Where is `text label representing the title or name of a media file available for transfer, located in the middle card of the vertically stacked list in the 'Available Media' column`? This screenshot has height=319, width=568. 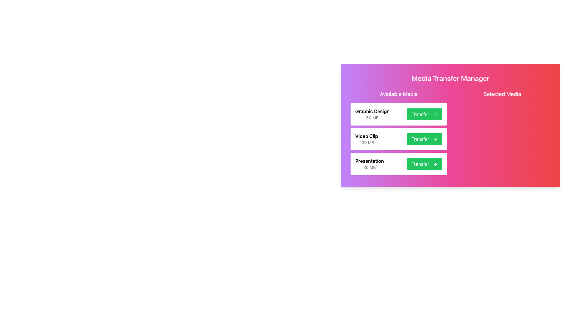
text label representing the title or name of a media file available for transfer, located in the middle card of the vertically stacked list in the 'Available Media' column is located at coordinates (366, 136).